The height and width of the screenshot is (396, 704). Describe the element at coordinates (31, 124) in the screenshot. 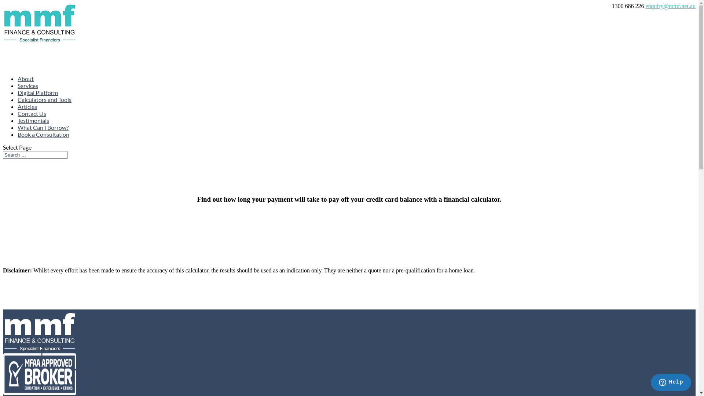

I see `'Contact Us'` at that location.